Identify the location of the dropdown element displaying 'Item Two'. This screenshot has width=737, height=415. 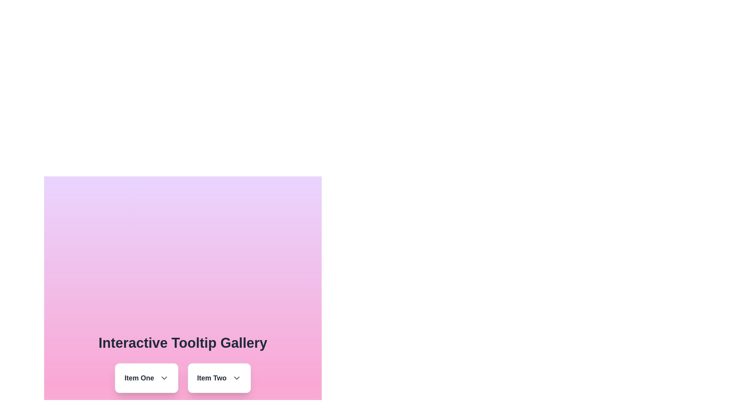
(219, 377).